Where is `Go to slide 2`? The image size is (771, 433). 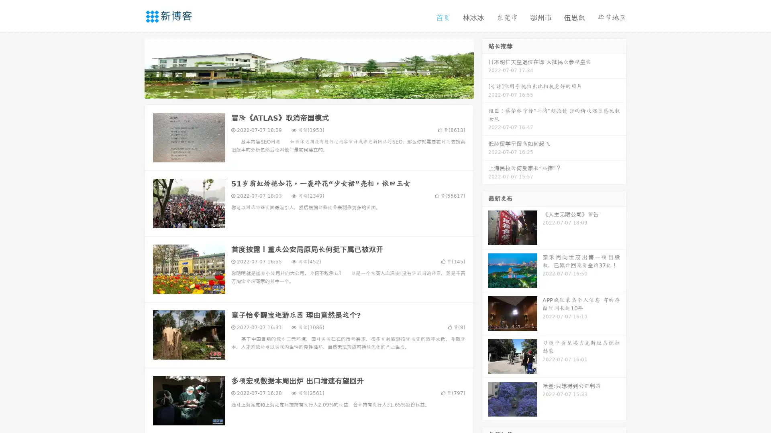 Go to slide 2 is located at coordinates (308, 90).